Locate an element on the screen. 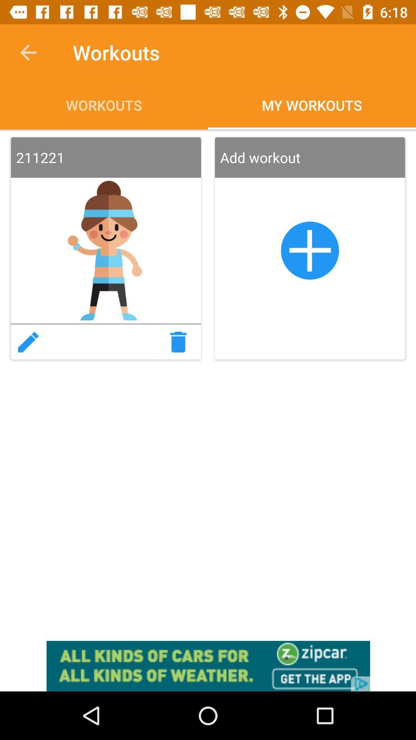 The width and height of the screenshot is (416, 740). delete is located at coordinates (181, 341).